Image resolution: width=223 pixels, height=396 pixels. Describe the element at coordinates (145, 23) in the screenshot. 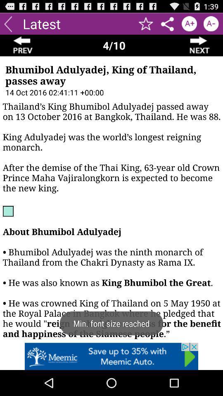

I see `favorite` at that location.